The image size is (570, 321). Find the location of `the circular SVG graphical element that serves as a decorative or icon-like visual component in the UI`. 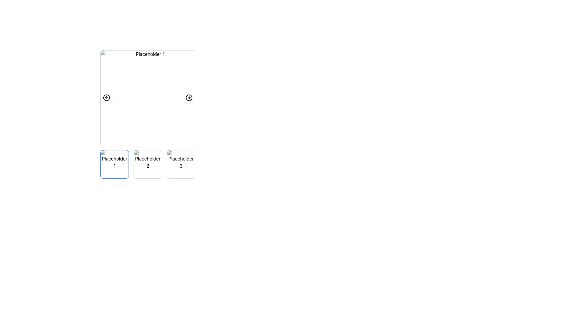

the circular SVG graphical element that serves as a decorative or icon-like visual component in the UI is located at coordinates (107, 97).